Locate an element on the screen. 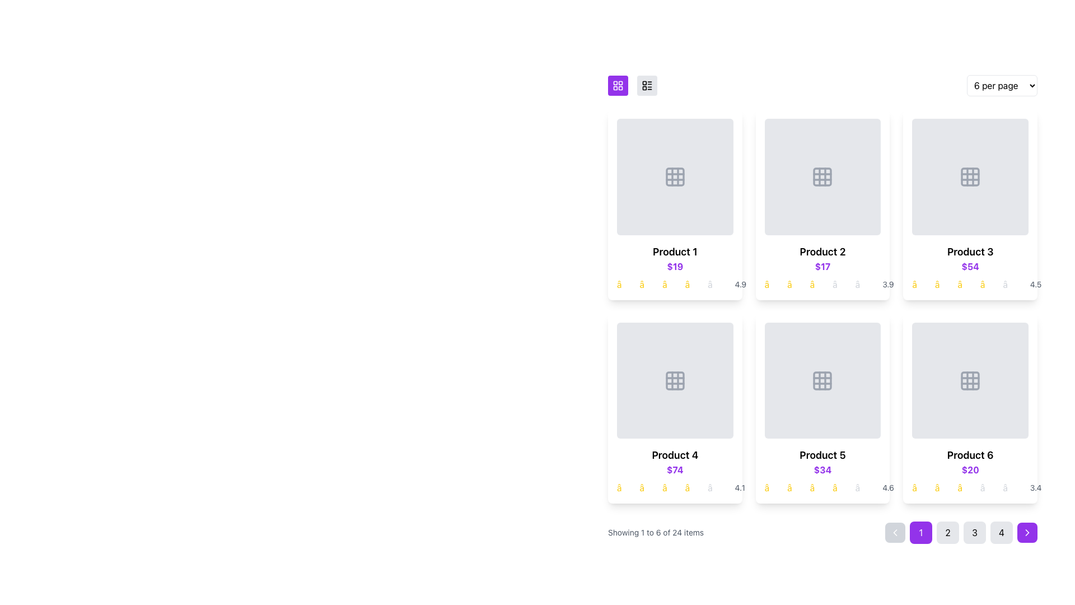 This screenshot has height=605, width=1075. the star-based rating display for 'Product 3', which visually represents its rating with yellow and gray stars, located in the top-right card of the product grid is located at coordinates (968, 283).